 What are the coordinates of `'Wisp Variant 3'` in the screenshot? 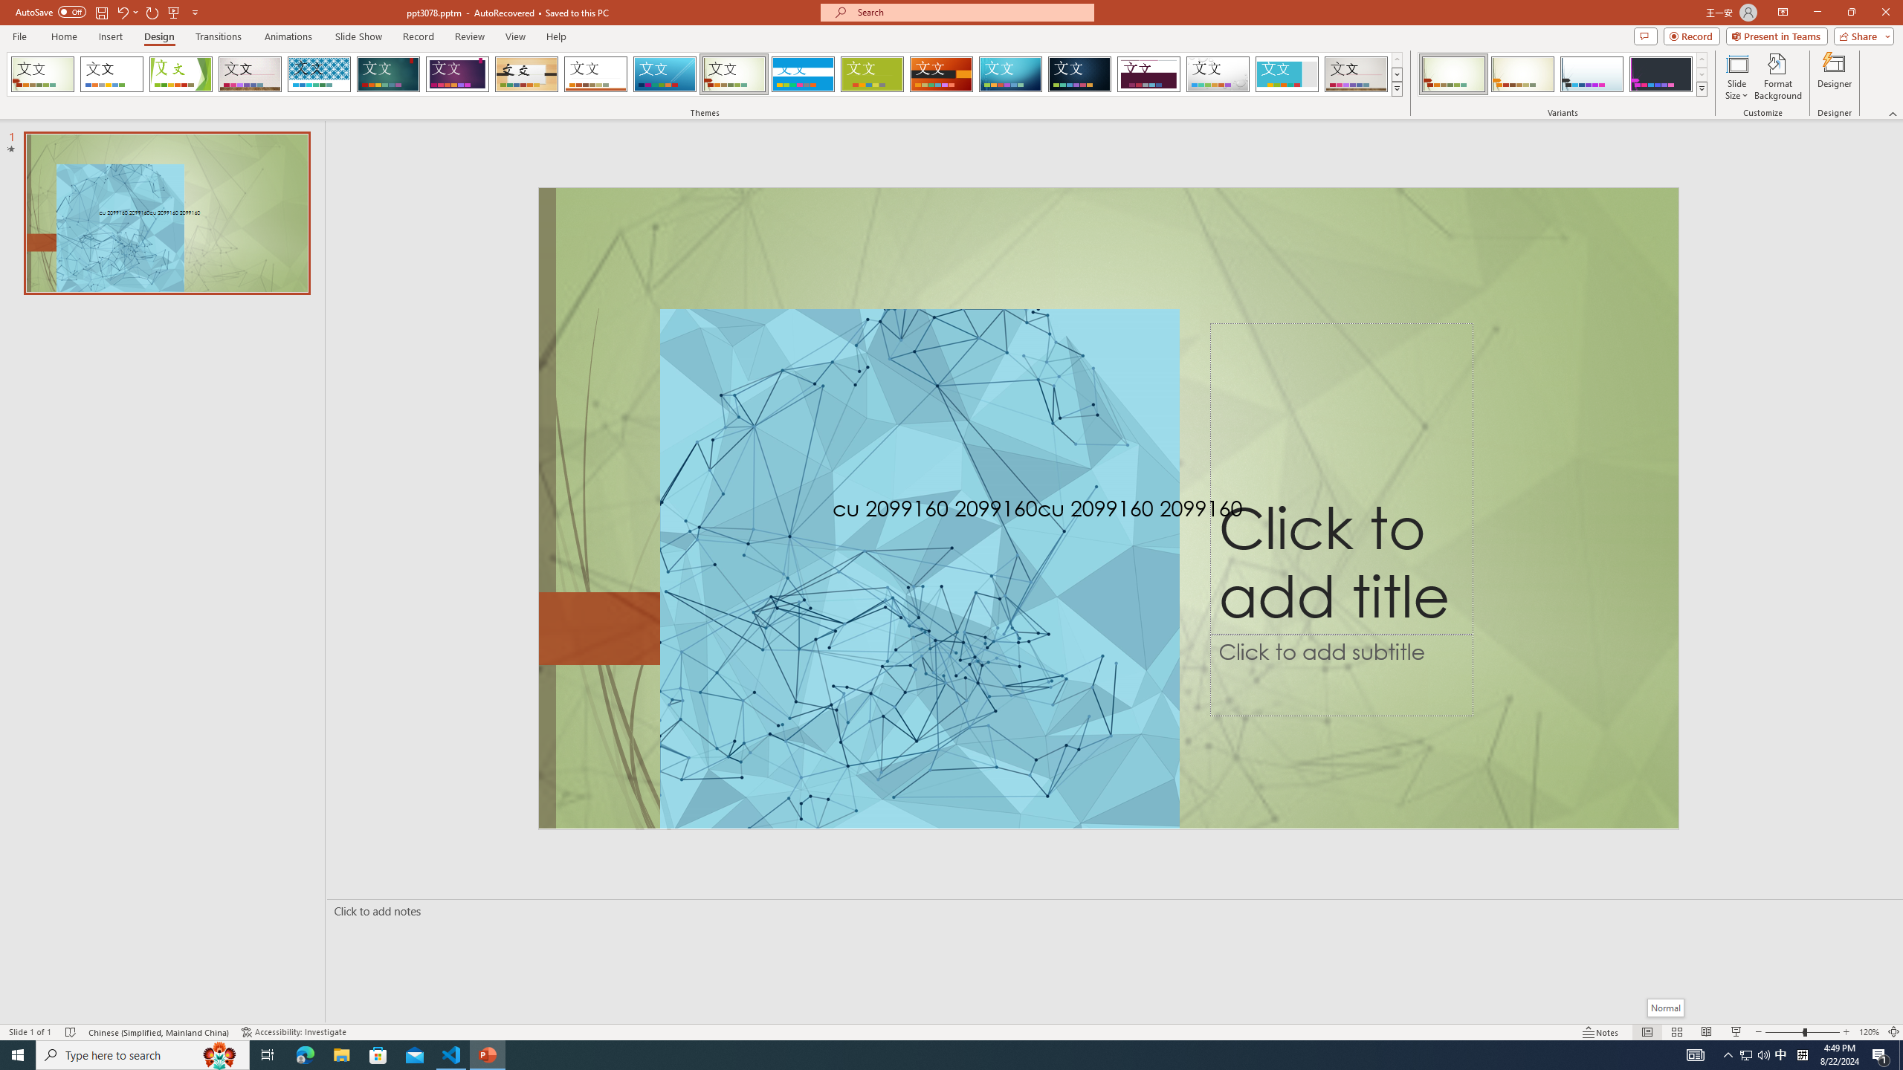 It's located at (1591, 74).